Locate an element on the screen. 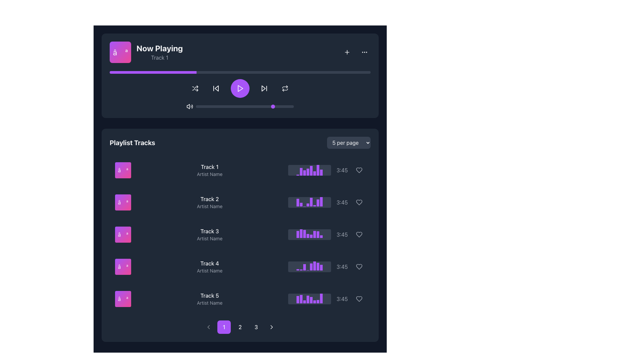 This screenshot has width=644, height=362. the square icon with a gradient background and a musical note symbol, located in the second row of the track listing, preceding 'Track 2' and 'Artist Name' is located at coordinates (123, 202).